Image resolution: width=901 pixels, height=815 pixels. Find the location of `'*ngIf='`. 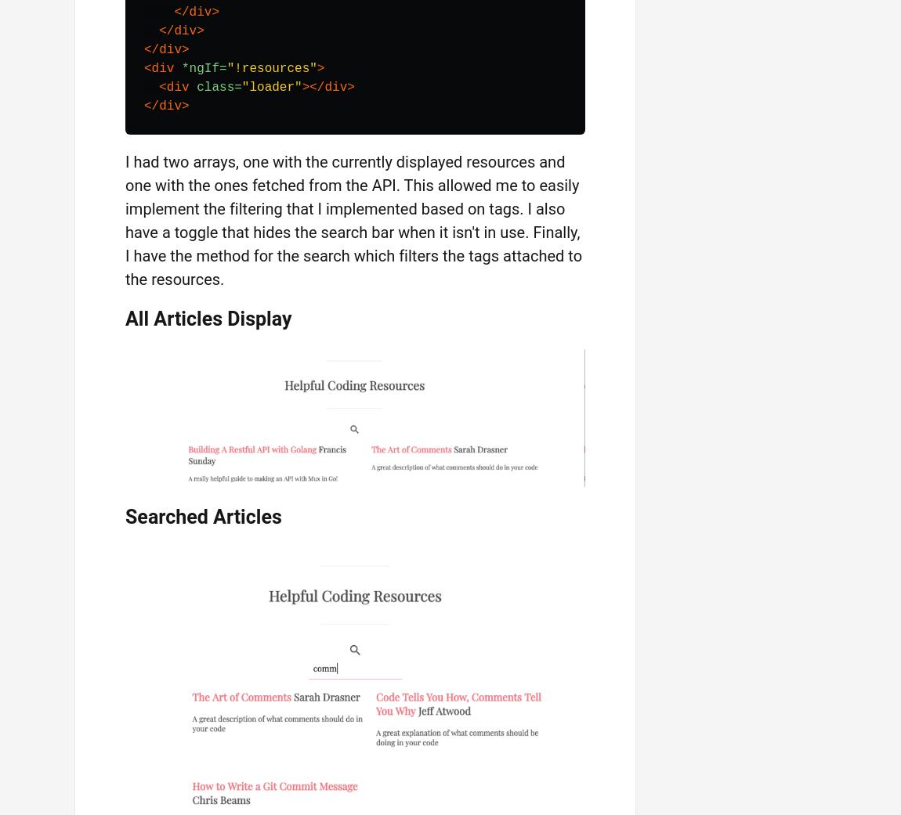

'*ngIf=' is located at coordinates (203, 67).